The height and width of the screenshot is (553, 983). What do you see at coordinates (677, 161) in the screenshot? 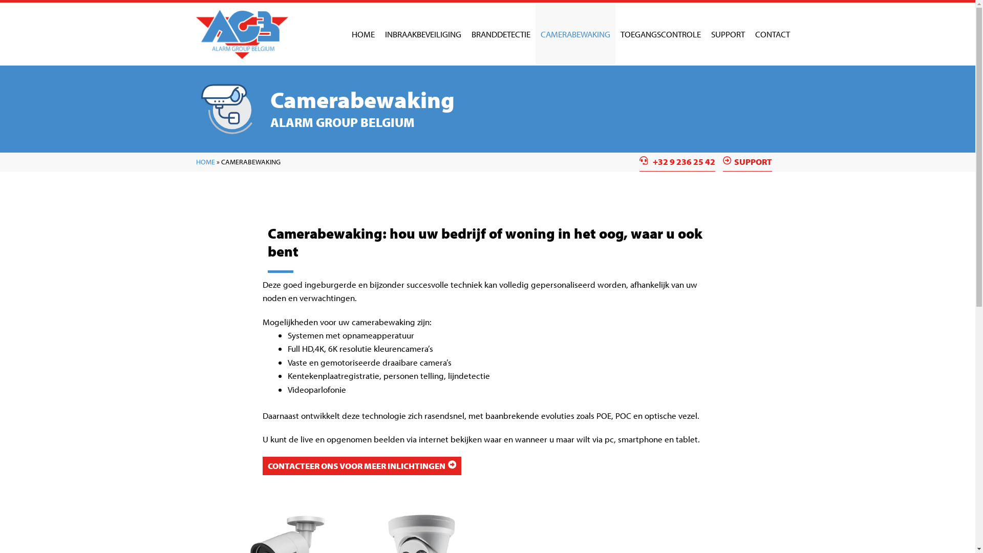
I see `'+32 9 236 25 42'` at bounding box center [677, 161].